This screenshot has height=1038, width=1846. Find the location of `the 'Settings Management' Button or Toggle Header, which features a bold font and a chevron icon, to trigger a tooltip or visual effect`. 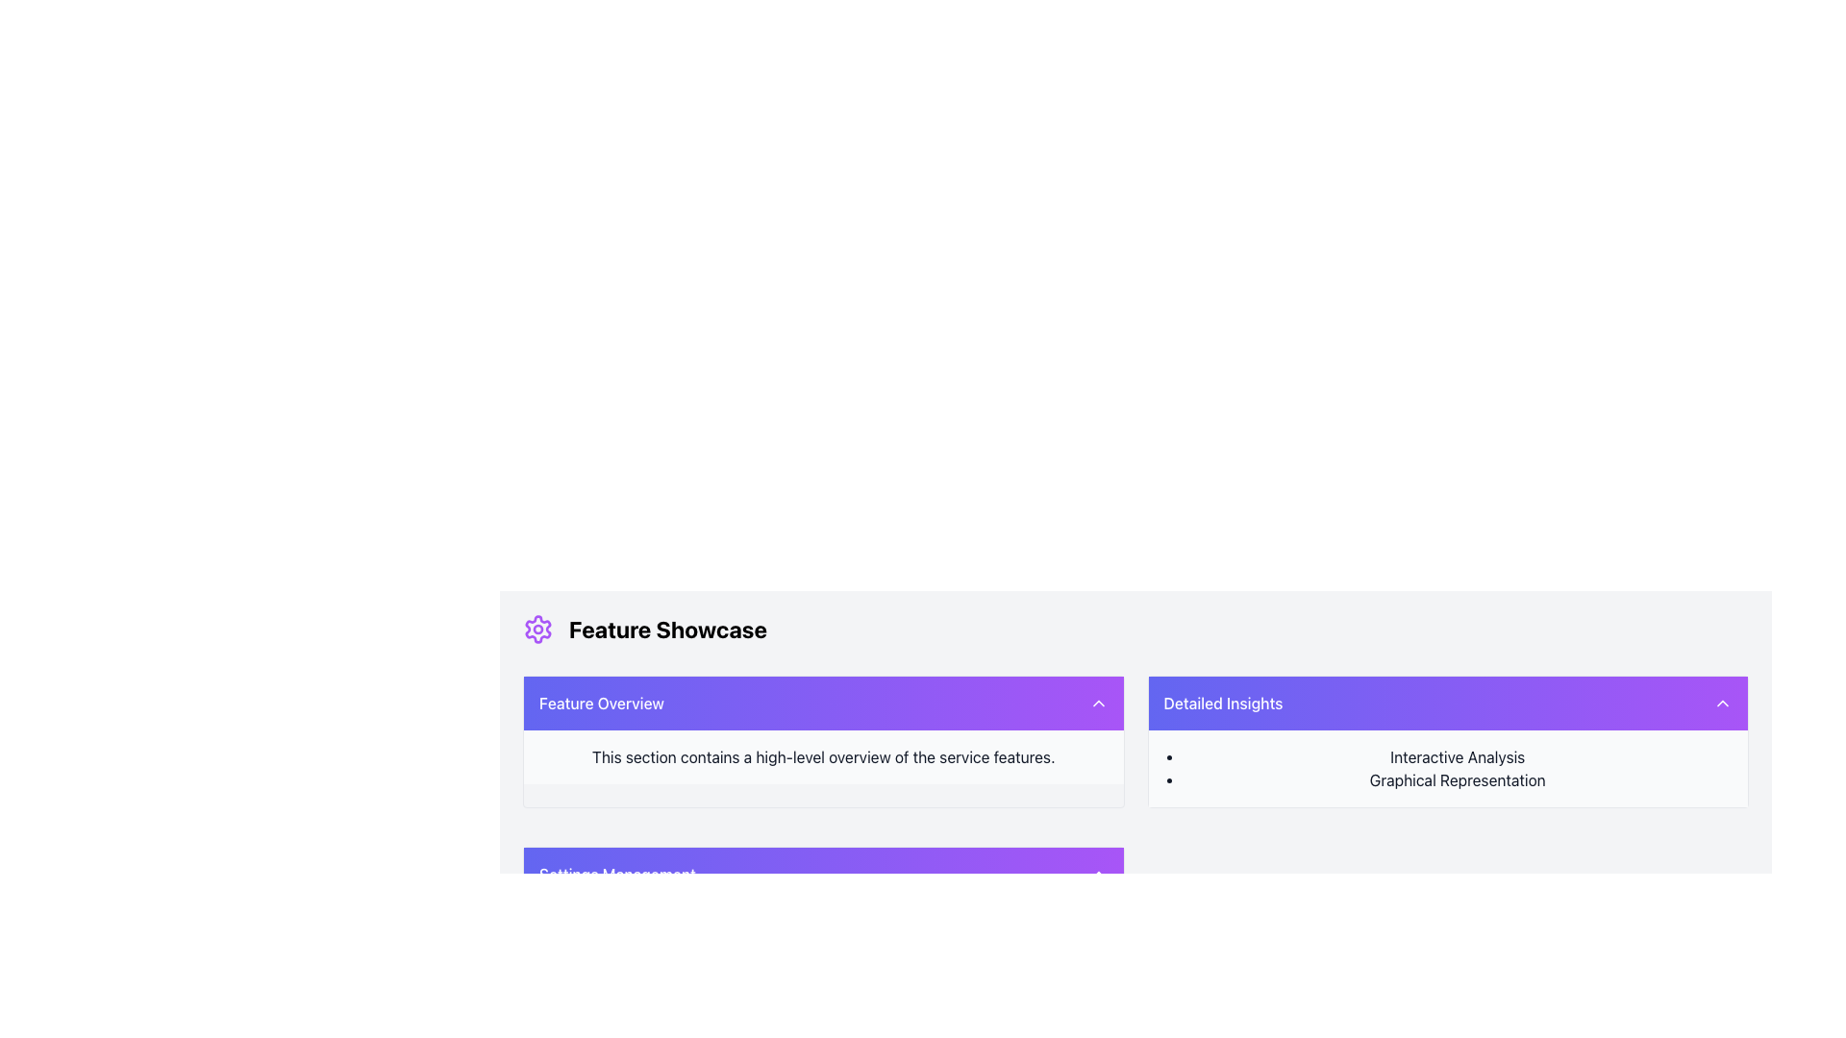

the 'Settings Management' Button or Toggle Header, which features a bold font and a chevron icon, to trigger a tooltip or visual effect is located at coordinates (823, 875).